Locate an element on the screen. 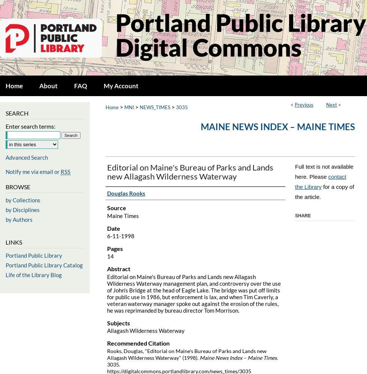 The height and width of the screenshot is (374, 367). 'Editorial on Maine's Bureau of Parks and Lands new Allagash Wilderness Waterway management plan, and controversy over the use of John's Bridge at the head of Eagle Lake. The bridge was put off limits for public use in 1986, but enforcement is lax, and when Tim Caverly, a veteran waterway manager spoke out against the erosion of the rules, he was reprimanded by bureau director Tom Morrison.' is located at coordinates (194, 293).